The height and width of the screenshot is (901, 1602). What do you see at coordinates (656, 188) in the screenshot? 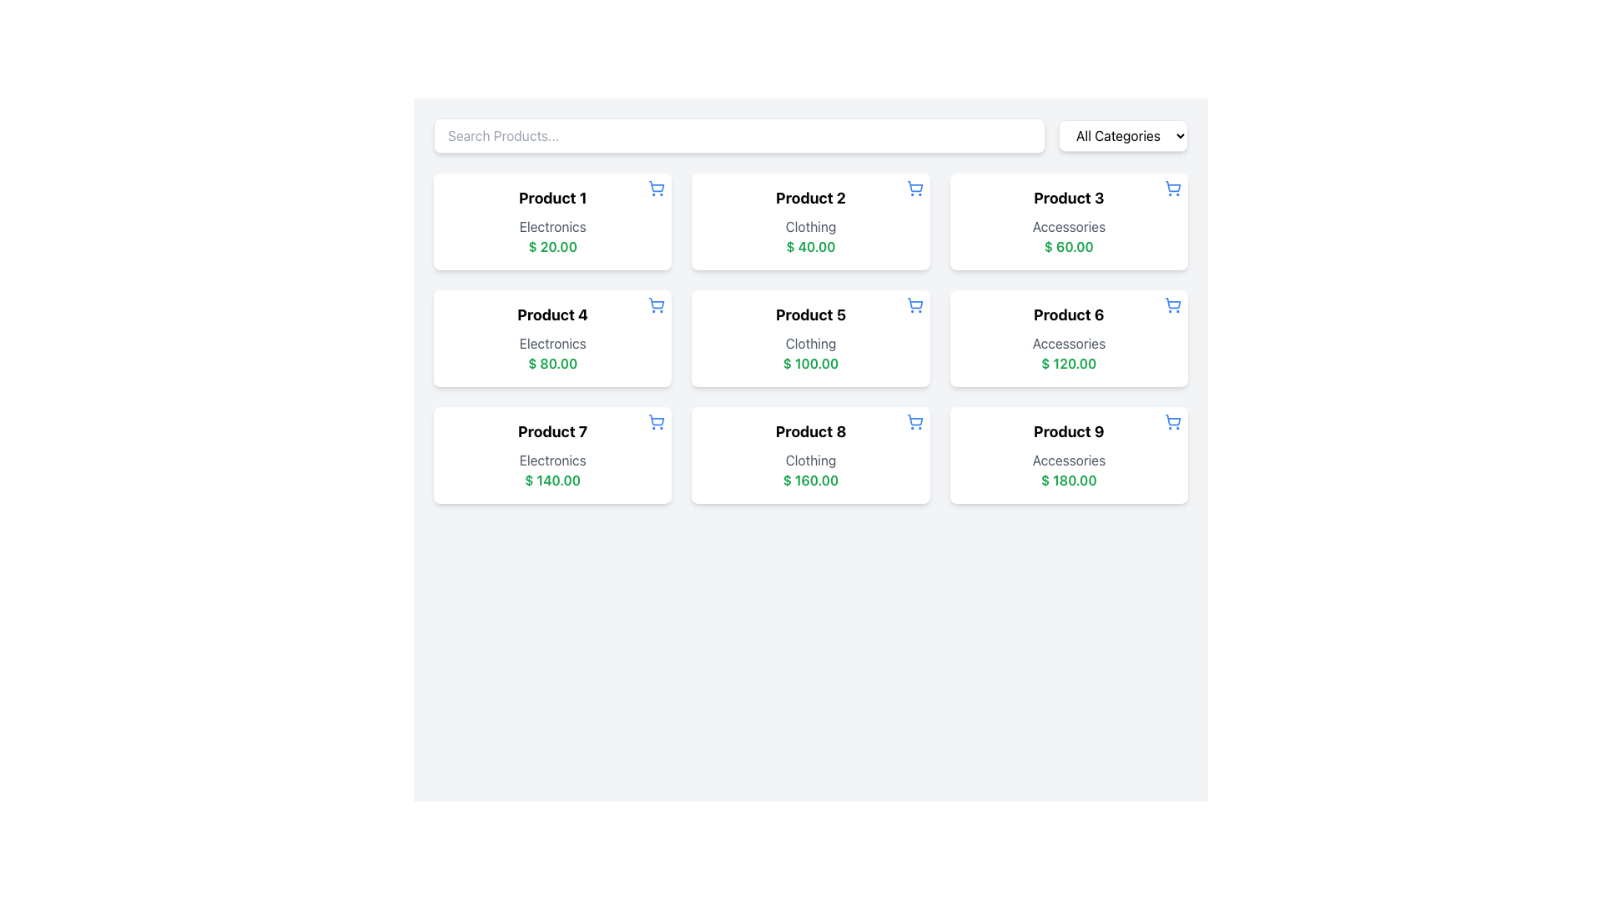
I see `the button in the top-right corner of the 'Product 1' card under the 'Electronics' category` at bounding box center [656, 188].